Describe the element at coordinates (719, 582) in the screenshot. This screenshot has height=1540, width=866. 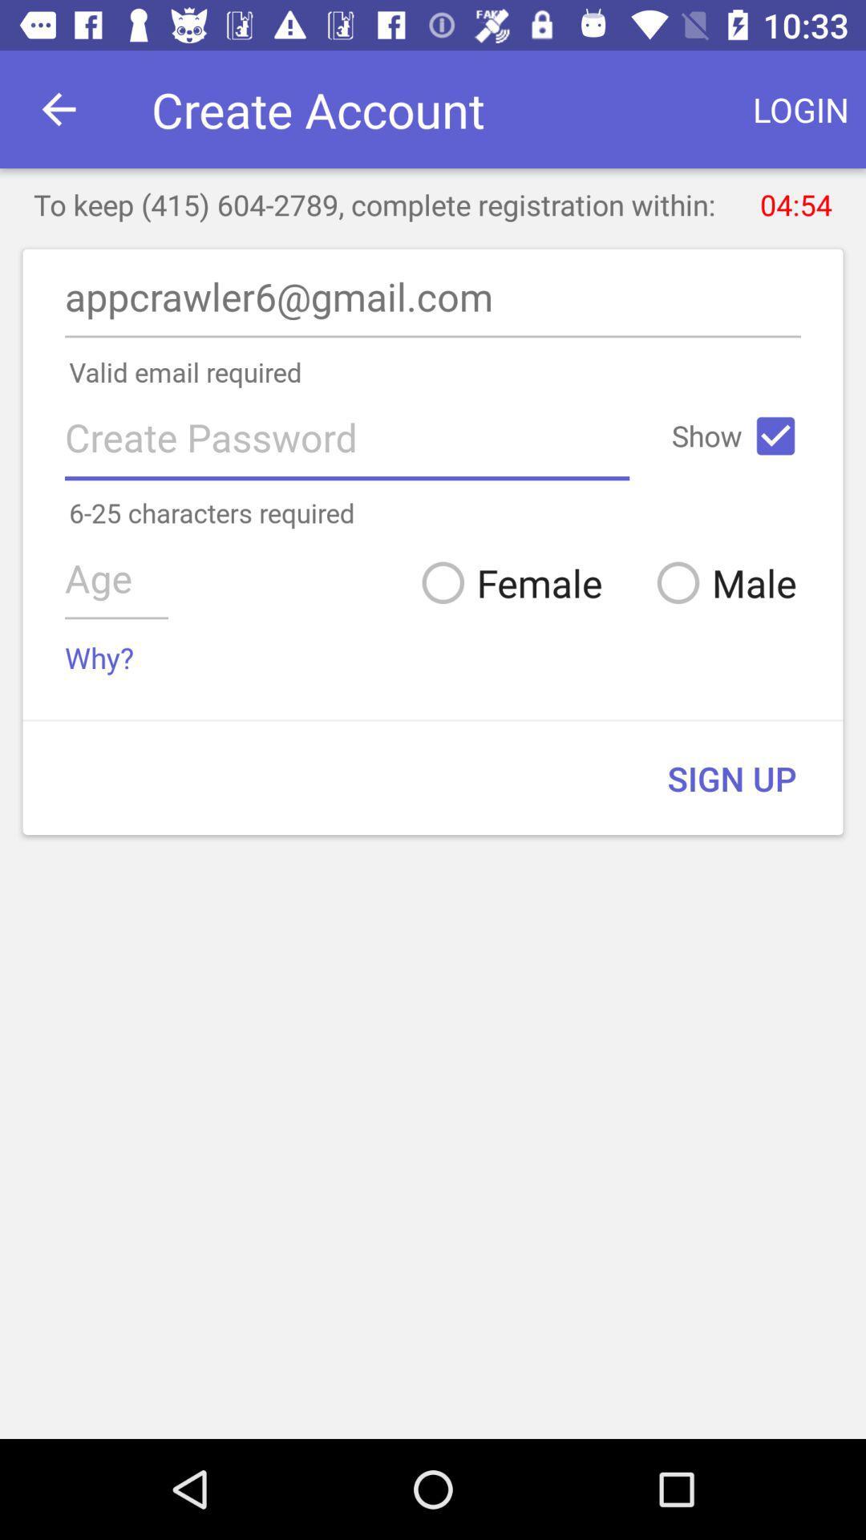
I see `male icon` at that location.